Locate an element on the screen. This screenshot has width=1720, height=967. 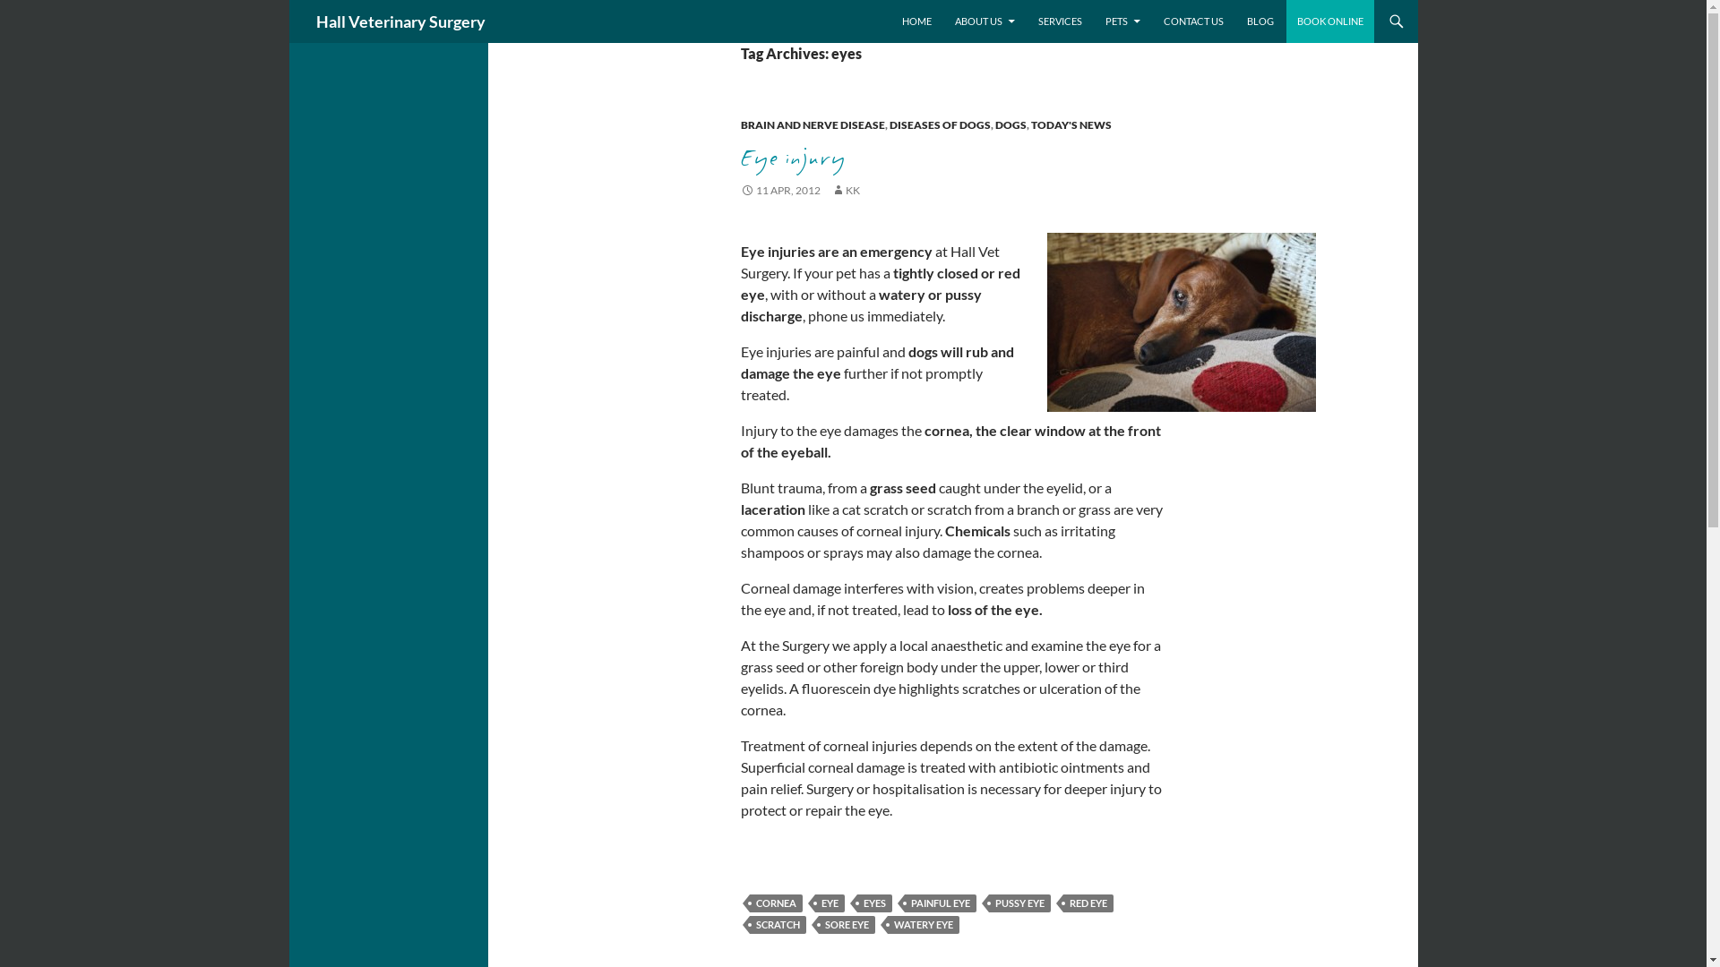
'PAINFUL EYE' is located at coordinates (940, 903).